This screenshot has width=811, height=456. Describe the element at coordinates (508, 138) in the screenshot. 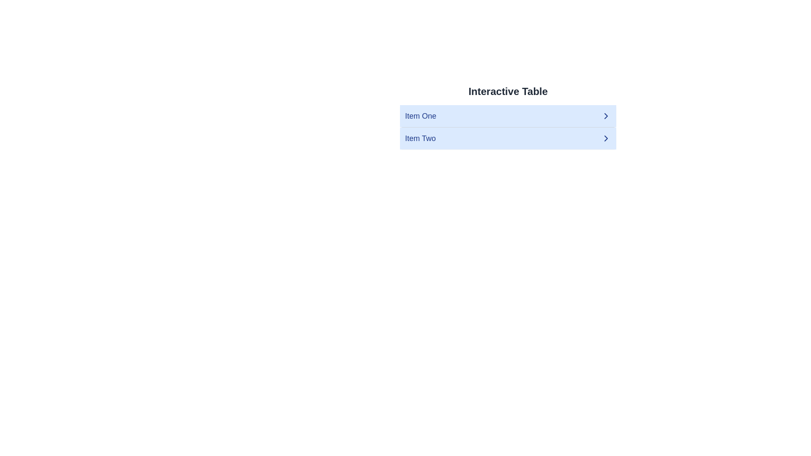

I see `the second clickable list item labeled 'Item Two'` at that location.